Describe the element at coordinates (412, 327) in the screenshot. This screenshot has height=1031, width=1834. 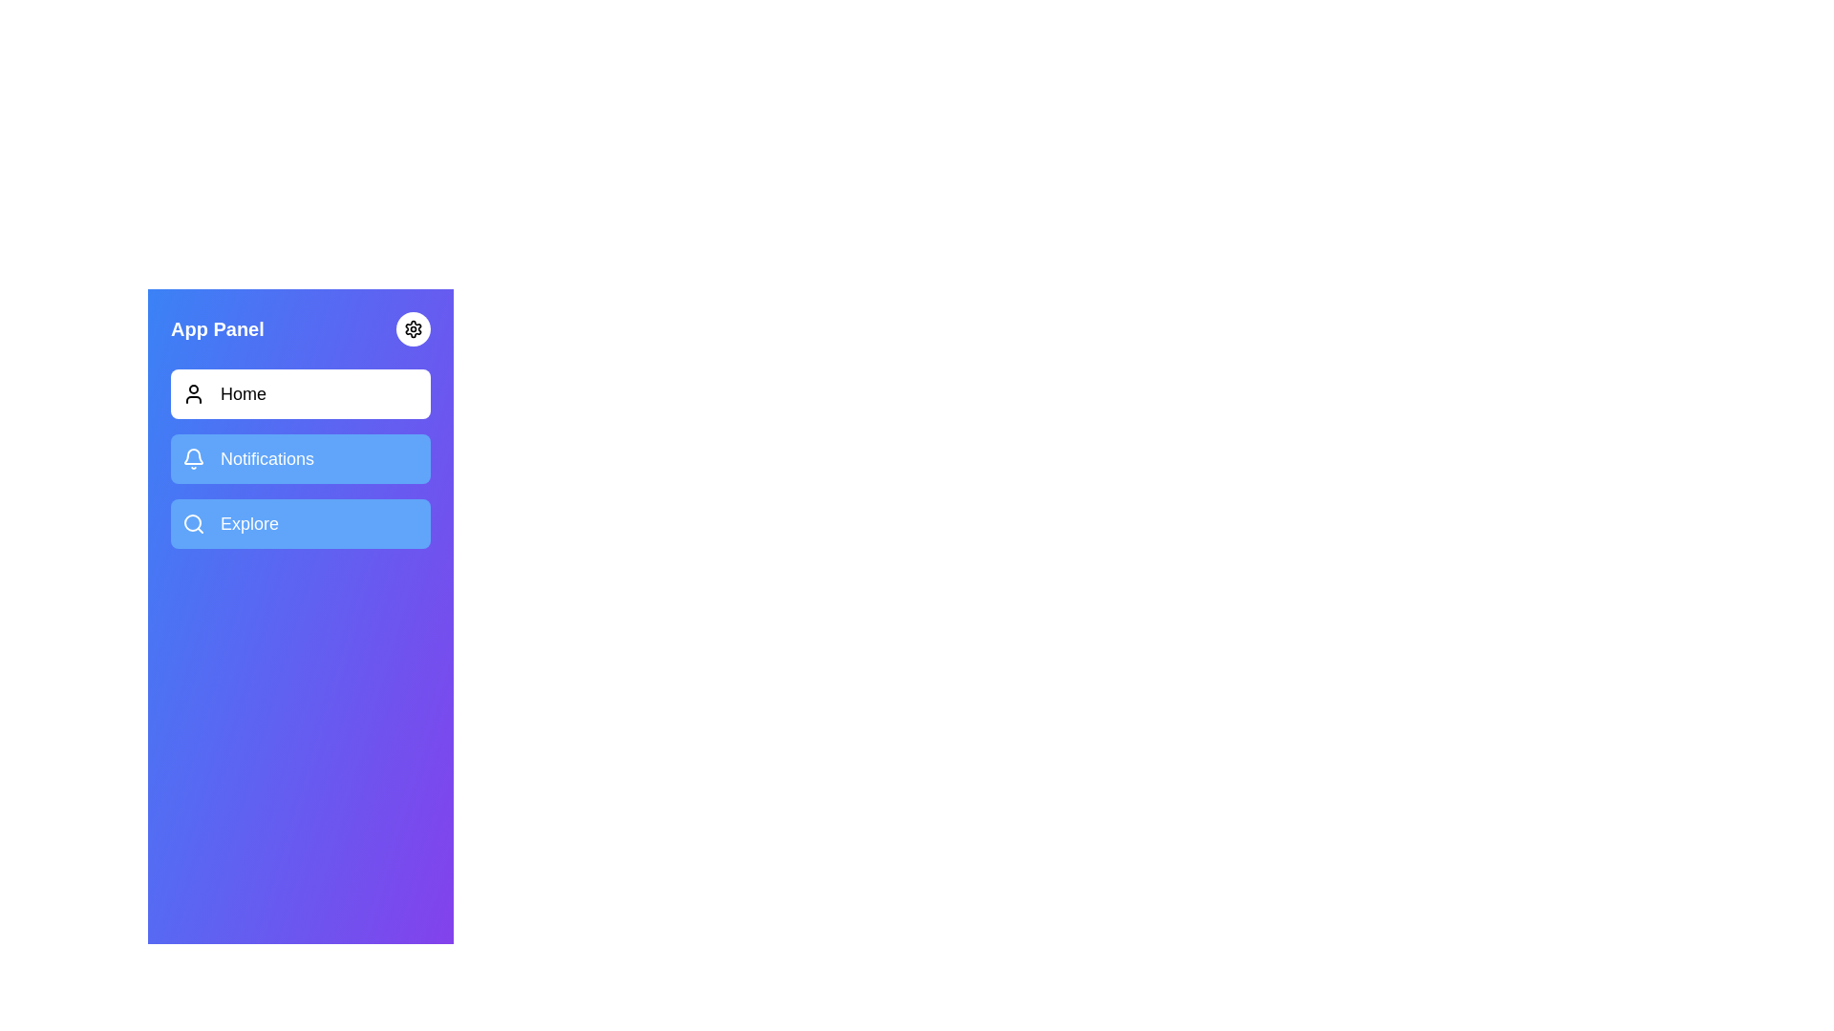
I see `the settings button located at the top-right corner of the navigation menu` at that location.